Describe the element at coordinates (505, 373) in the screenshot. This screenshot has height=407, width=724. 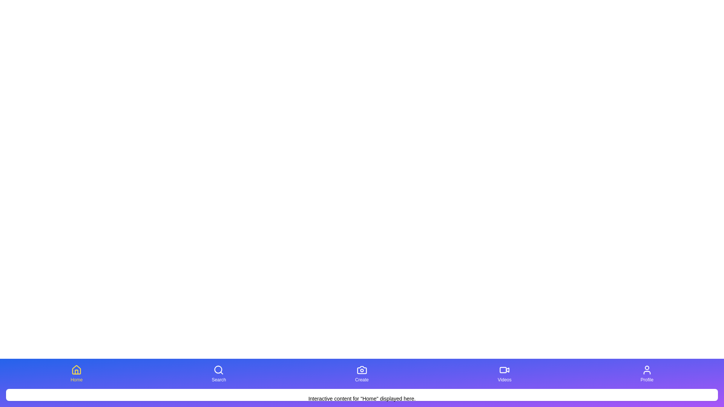
I see `the button corresponding to Videos` at that location.